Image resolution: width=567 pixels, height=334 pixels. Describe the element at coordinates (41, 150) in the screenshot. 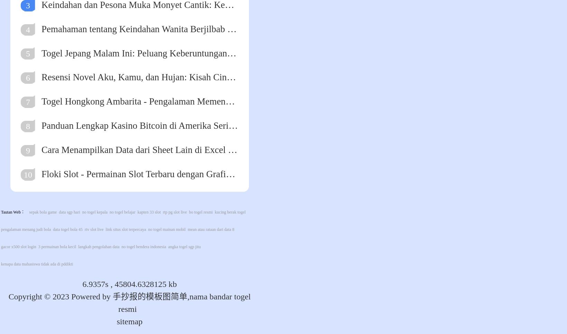

I see `'Cara Menampilkan Data dari Sheet Lain di Excel - Panduan Lengkap'` at that location.